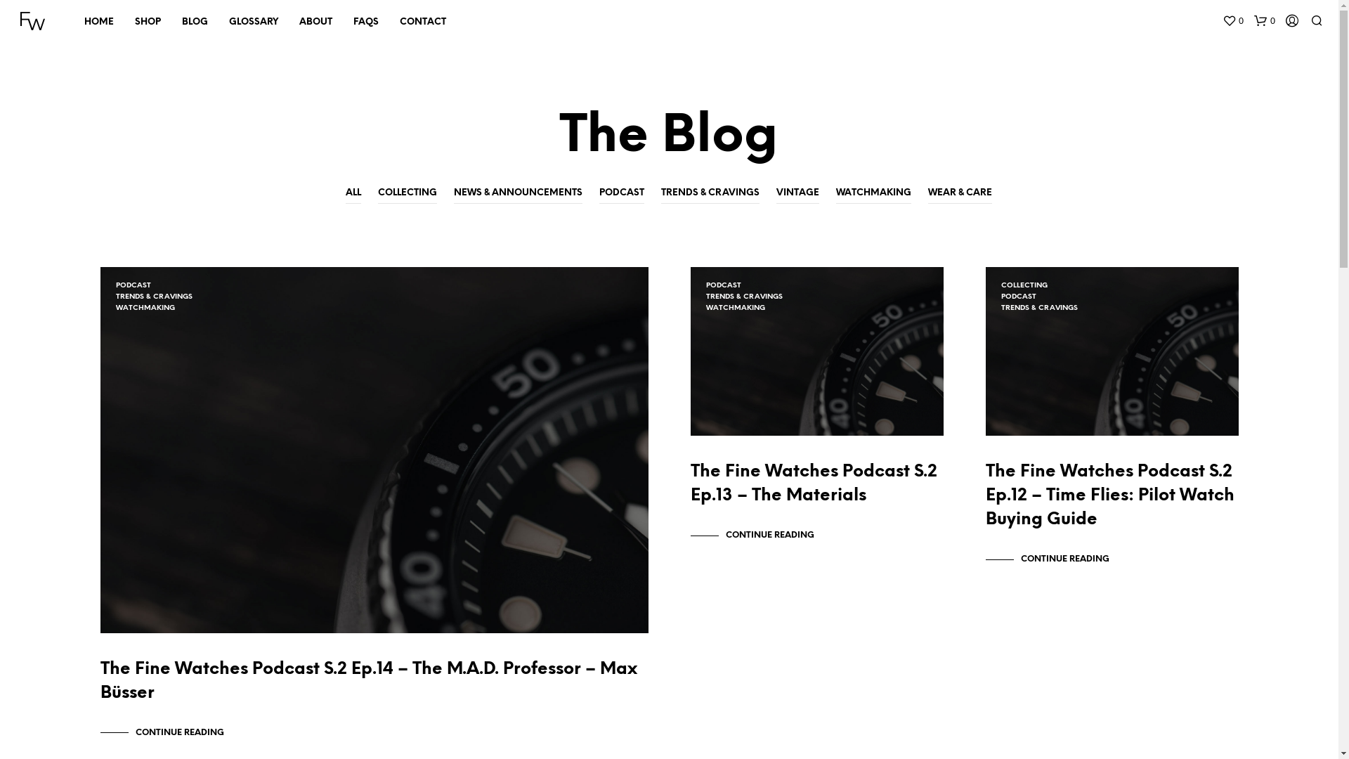 The height and width of the screenshot is (759, 1349). I want to click on 'ALL', so click(353, 193).